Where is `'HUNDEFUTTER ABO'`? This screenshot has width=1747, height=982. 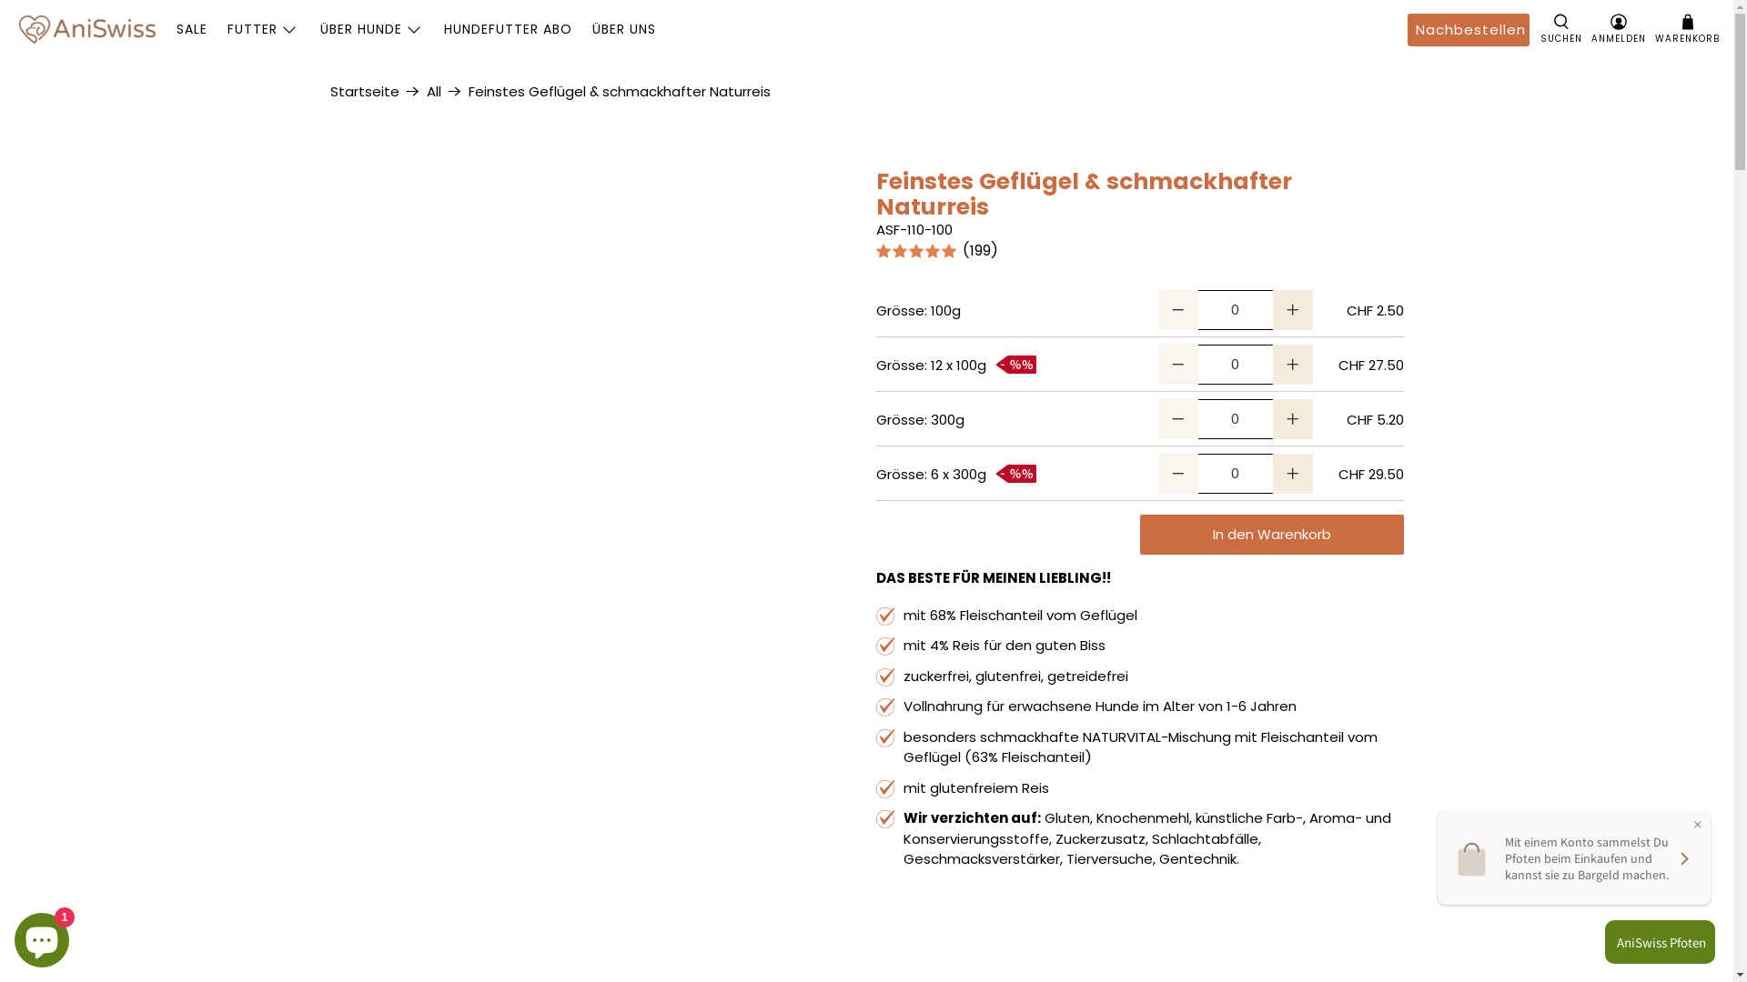 'HUNDEFUTTER ABO' is located at coordinates (507, 29).